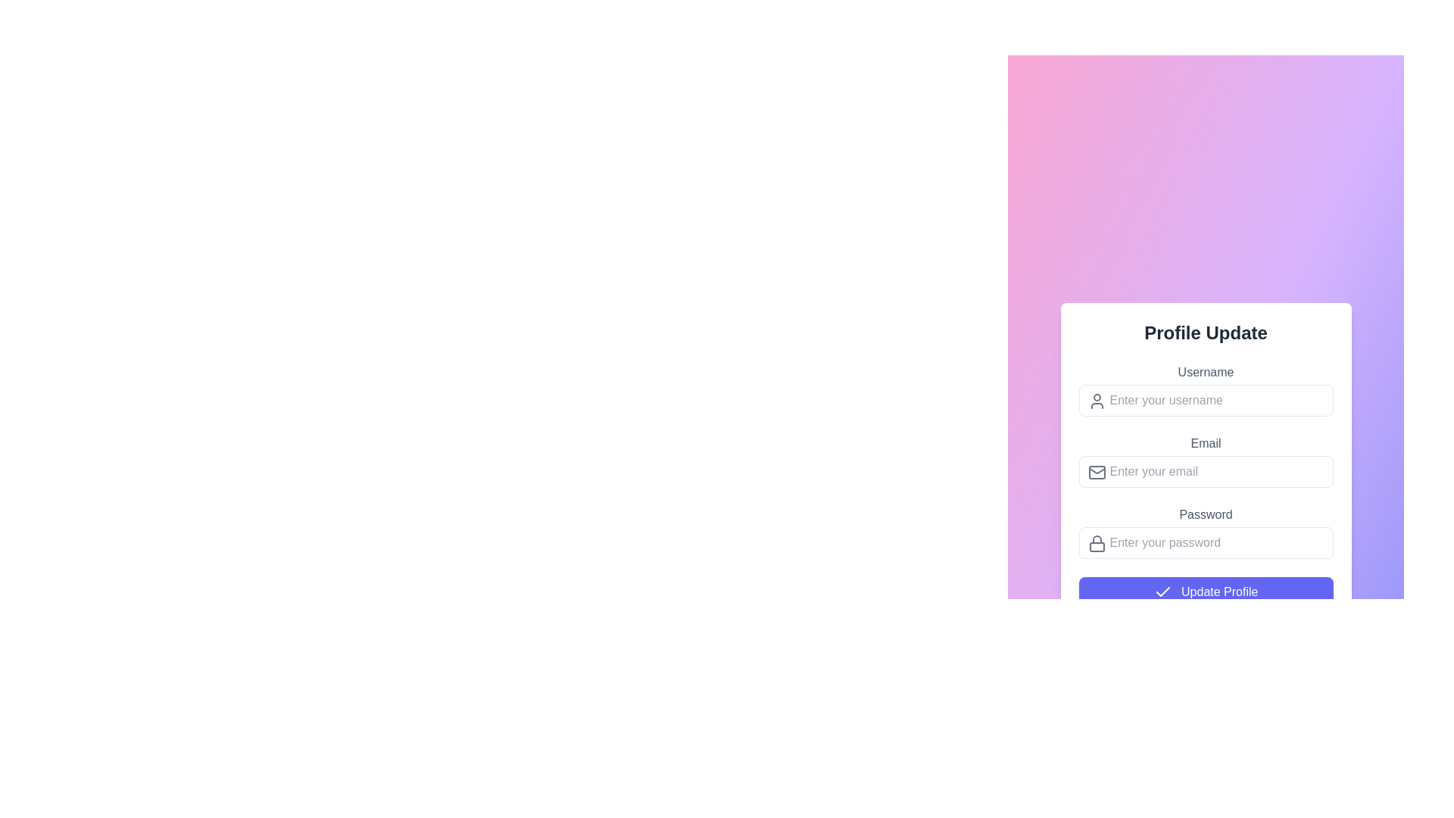  What do you see at coordinates (1205, 389) in the screenshot?
I see `the Text label indicating the username input field in the 'Profile Update' section, located directly below the header and above the 'Email' and 'Password' fields` at bounding box center [1205, 389].